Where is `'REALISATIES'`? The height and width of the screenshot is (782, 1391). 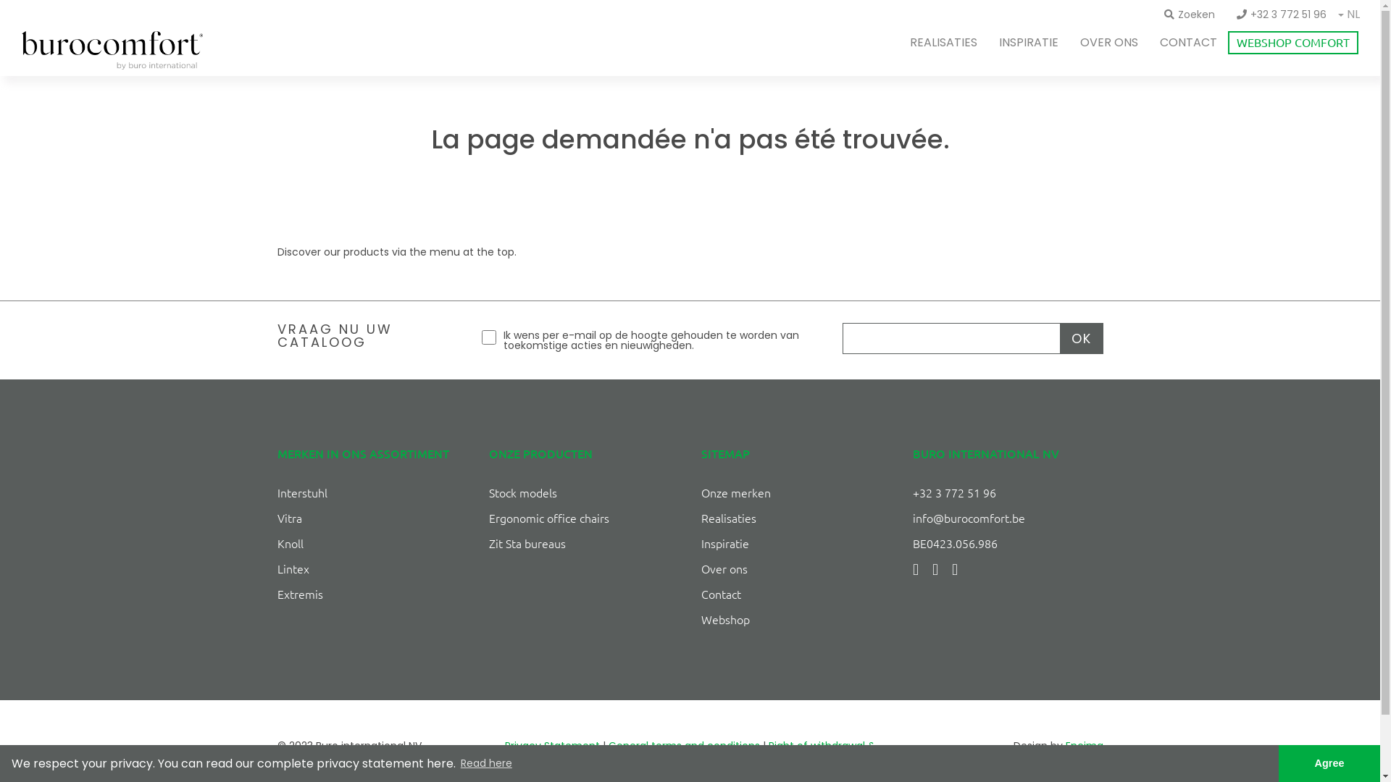
'REALISATIES' is located at coordinates (943, 41).